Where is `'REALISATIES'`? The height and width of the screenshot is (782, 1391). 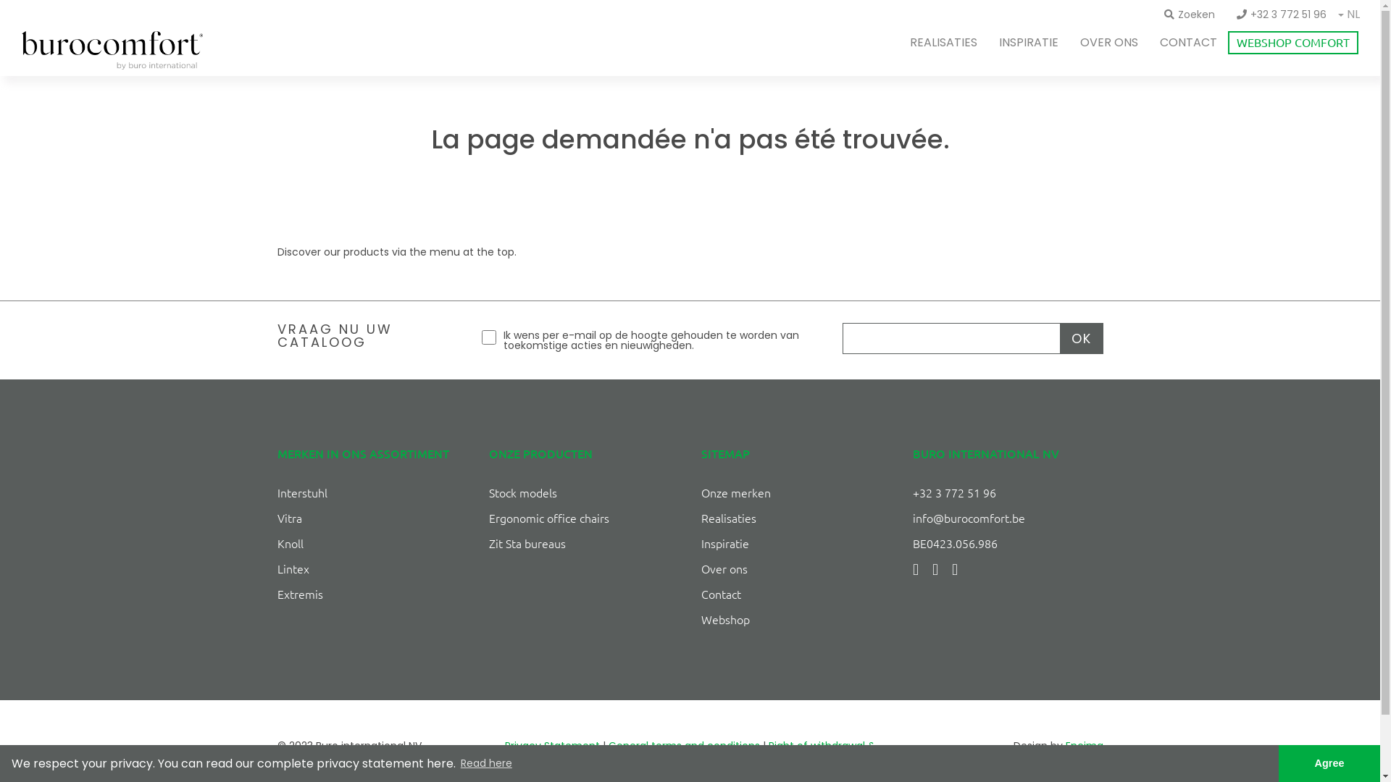
'REALISATIES' is located at coordinates (943, 41).